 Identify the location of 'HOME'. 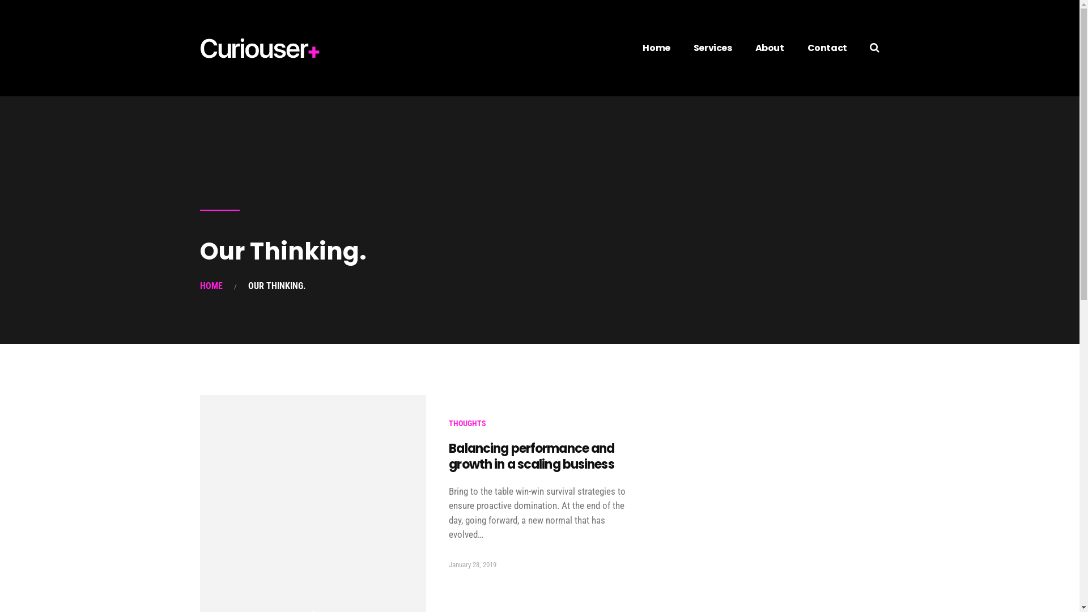
(210, 284).